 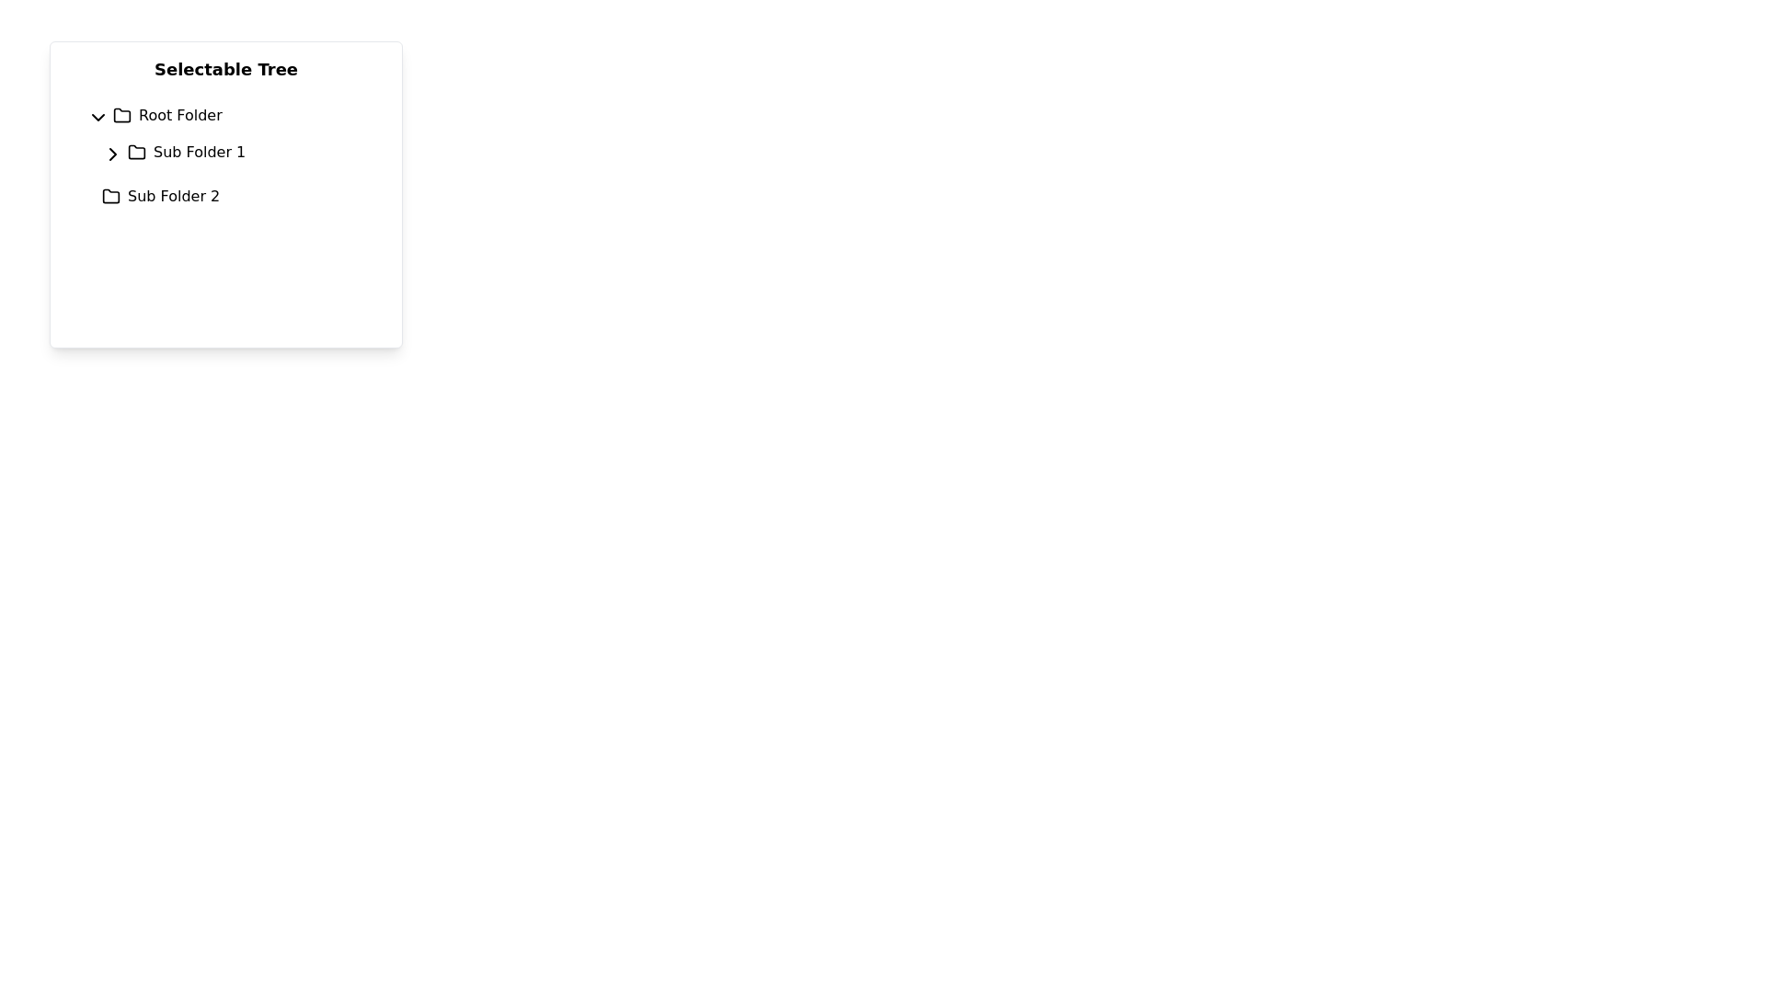 I want to click on the text label representing a folder in the hierarchical tree structure, so click(x=200, y=151).